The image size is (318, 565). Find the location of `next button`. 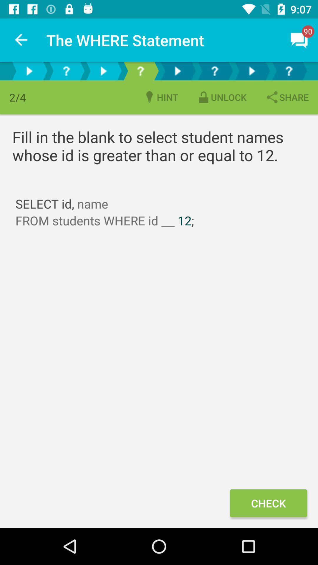

next button is located at coordinates (103, 71).